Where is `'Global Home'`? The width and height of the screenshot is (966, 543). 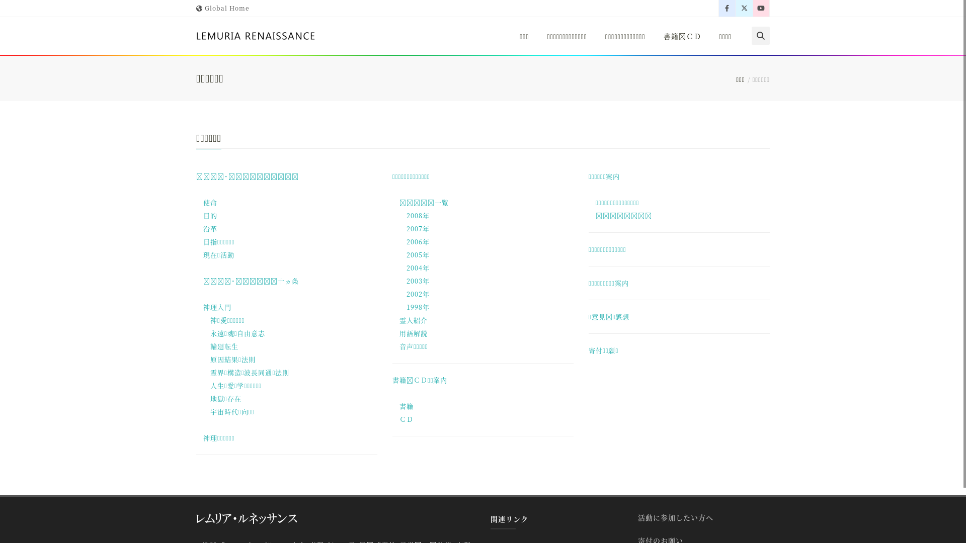
'Global Home' is located at coordinates (196, 8).